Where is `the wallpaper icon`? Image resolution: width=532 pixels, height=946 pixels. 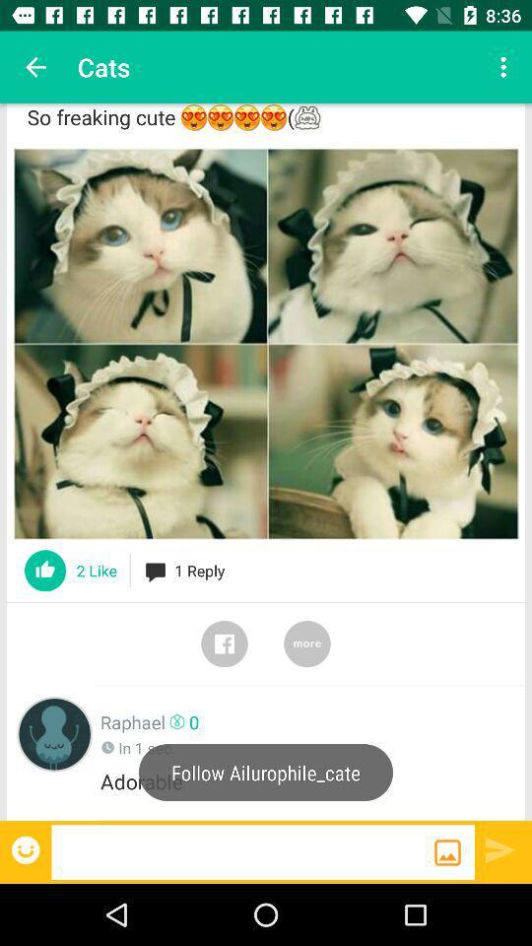 the wallpaper icon is located at coordinates (447, 851).